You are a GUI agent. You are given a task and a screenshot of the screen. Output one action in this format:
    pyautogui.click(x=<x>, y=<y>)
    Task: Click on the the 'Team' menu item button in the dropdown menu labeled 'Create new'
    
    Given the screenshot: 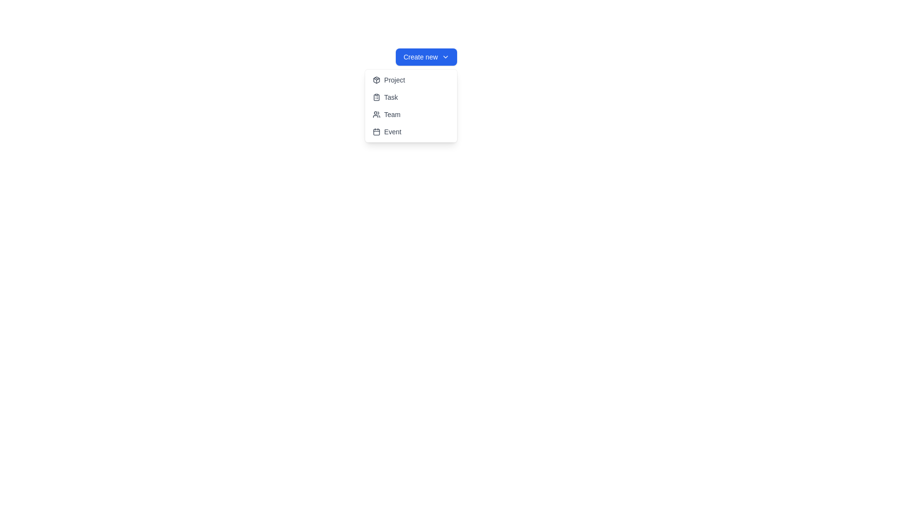 What is the action you would take?
    pyautogui.click(x=411, y=114)
    